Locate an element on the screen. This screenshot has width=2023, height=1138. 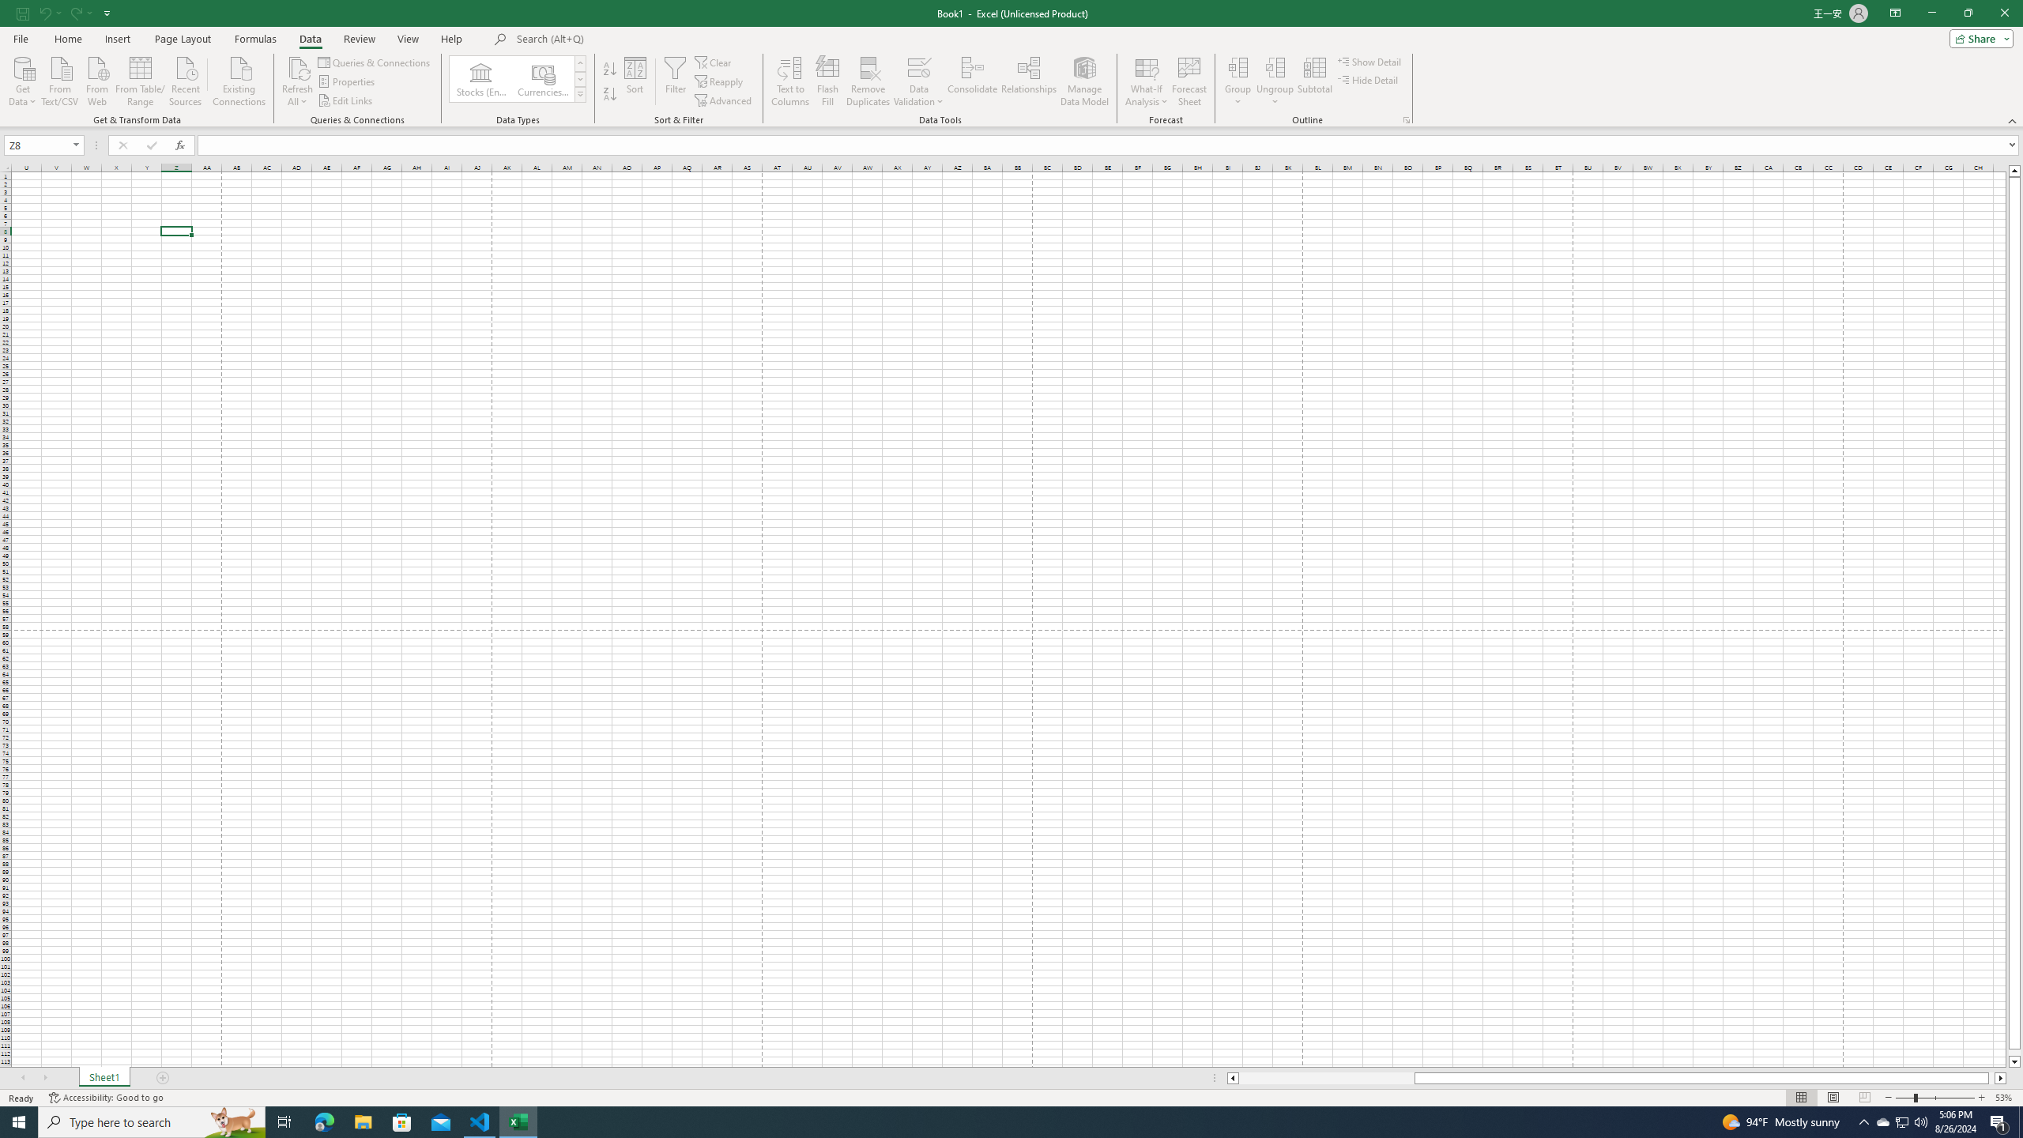
'Customize Quick Access Toolbar' is located at coordinates (107, 12).